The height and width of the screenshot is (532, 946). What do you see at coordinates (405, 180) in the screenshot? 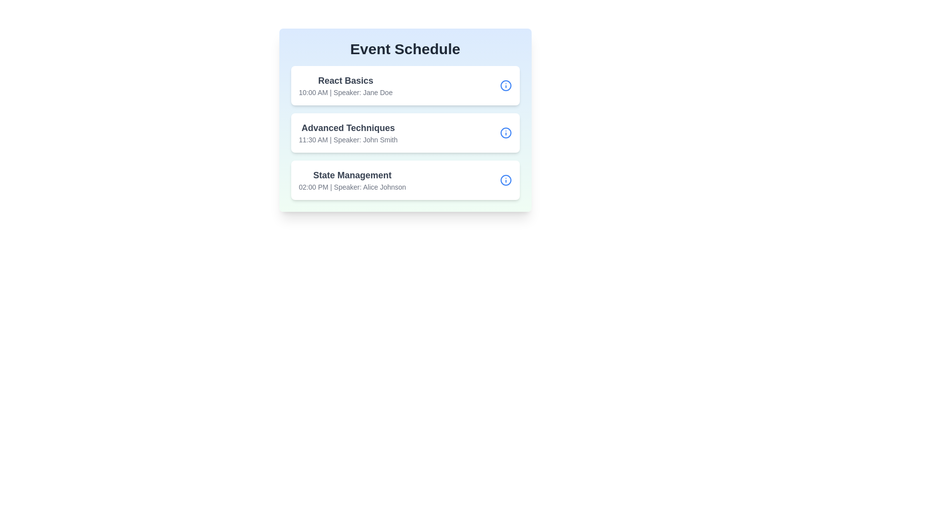
I see `the session item corresponding to State Management` at bounding box center [405, 180].